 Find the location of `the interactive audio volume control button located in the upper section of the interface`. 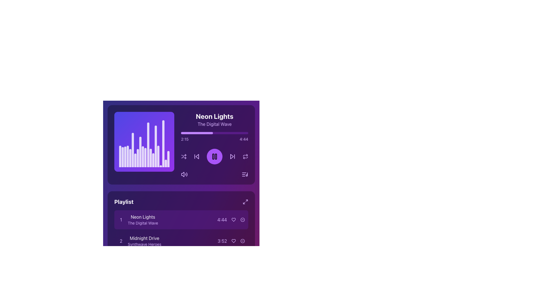

the interactive audio volume control button located in the upper section of the interface is located at coordinates (184, 174).